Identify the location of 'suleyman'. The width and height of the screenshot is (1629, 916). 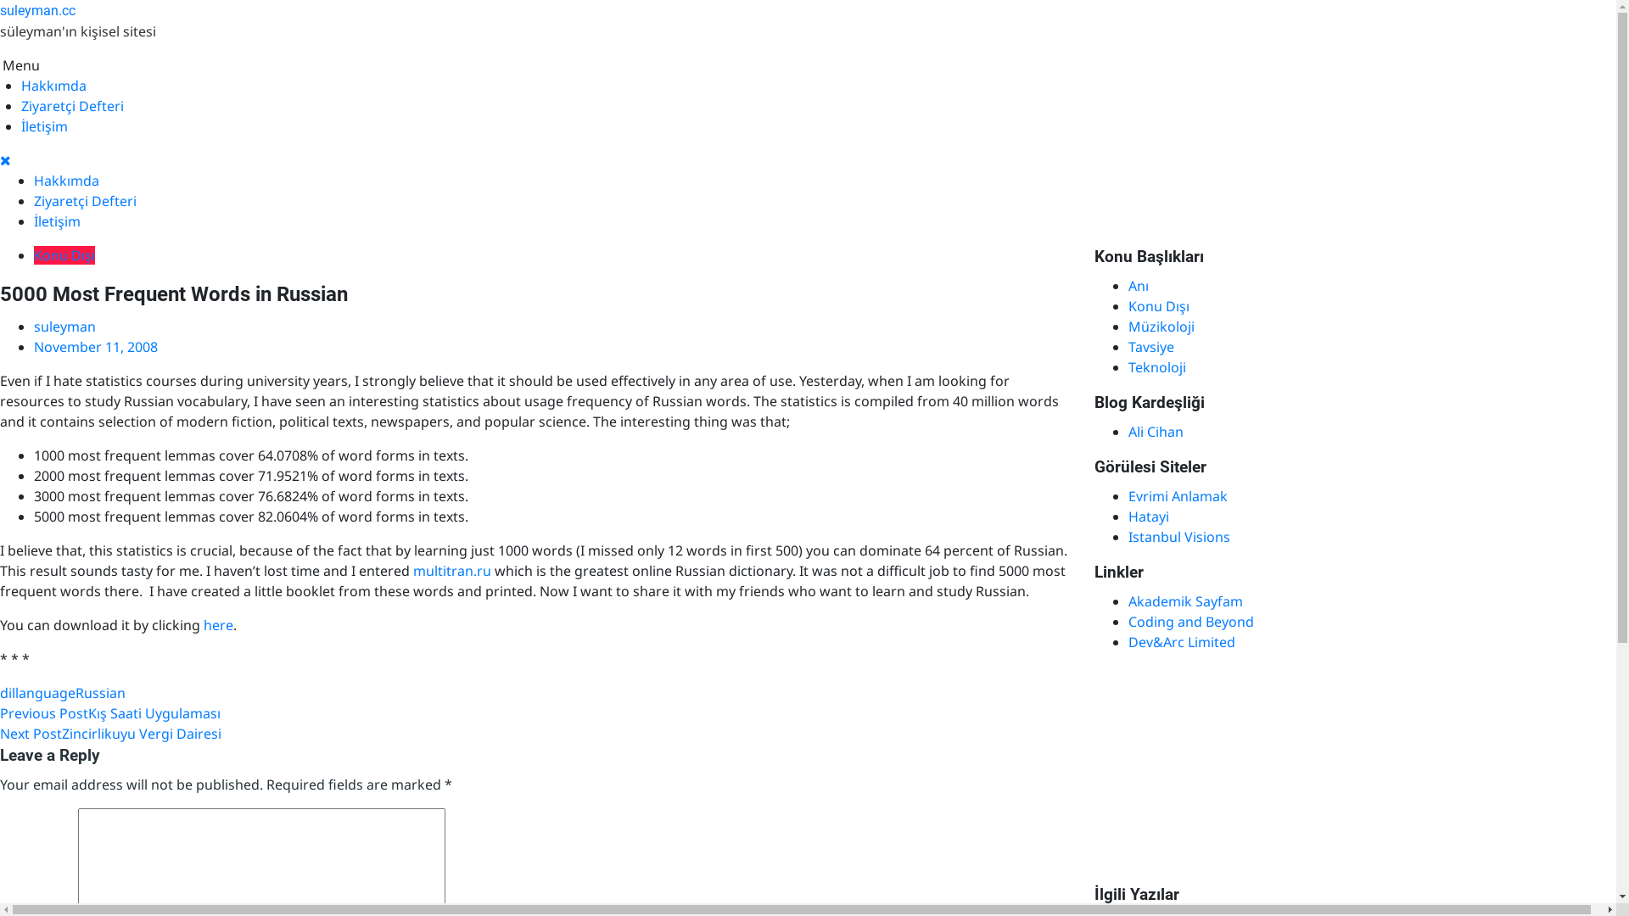
(33, 327).